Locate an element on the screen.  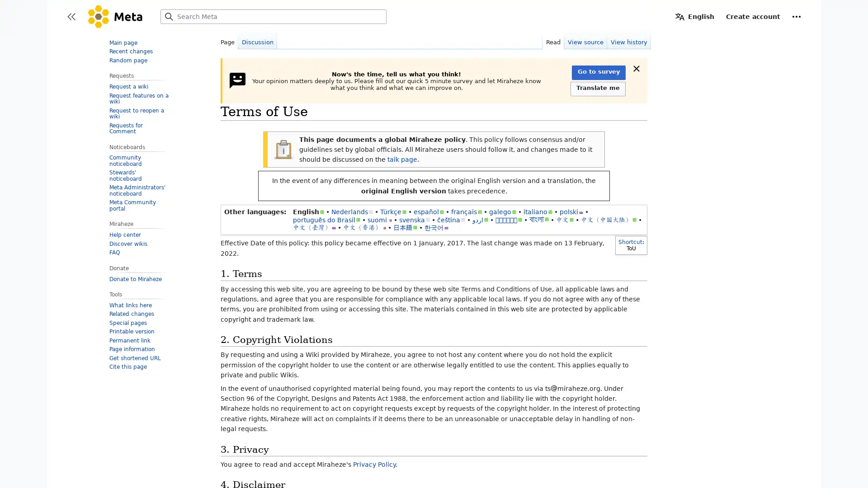
Go is located at coordinates (169, 17).